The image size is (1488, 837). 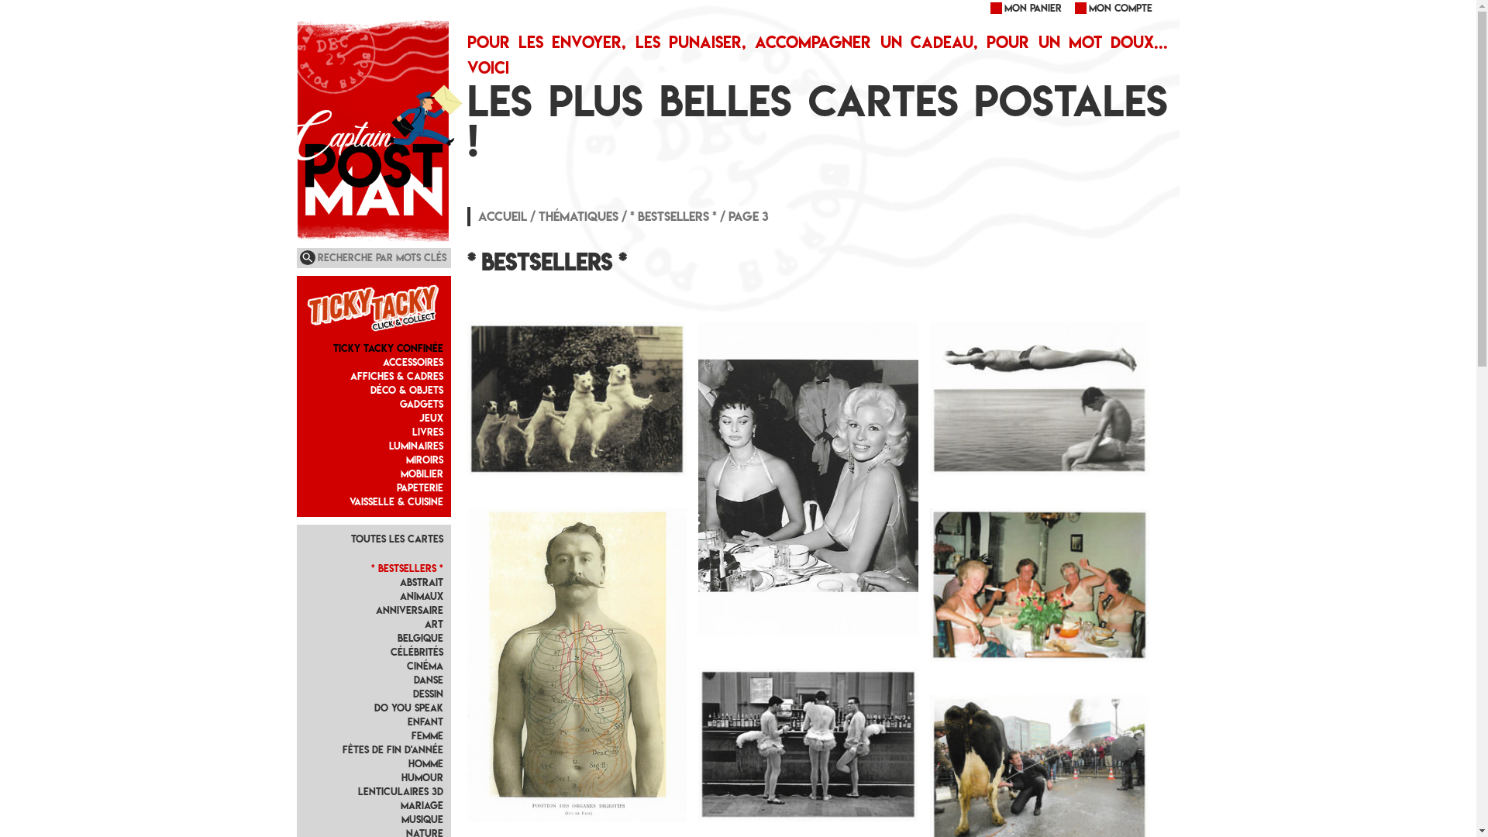 What do you see at coordinates (427, 735) in the screenshot?
I see `'Femme'` at bounding box center [427, 735].